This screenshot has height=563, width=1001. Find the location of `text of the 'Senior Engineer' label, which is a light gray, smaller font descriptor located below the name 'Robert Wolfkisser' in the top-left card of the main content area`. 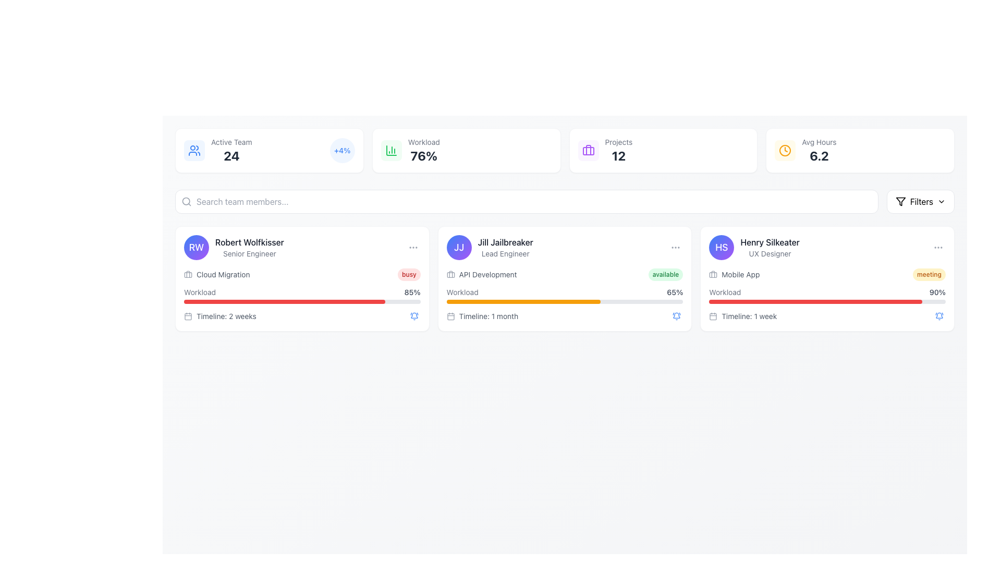

text of the 'Senior Engineer' label, which is a light gray, smaller font descriptor located below the name 'Robert Wolfkisser' in the top-left card of the main content area is located at coordinates (249, 253).